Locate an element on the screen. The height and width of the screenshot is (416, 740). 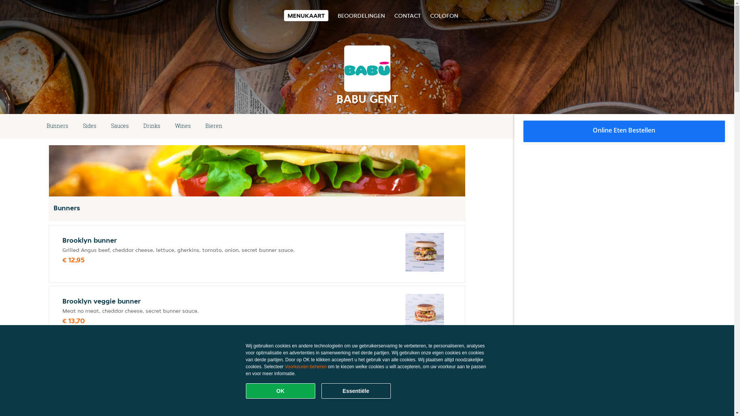
'BEOORDELINGEN' is located at coordinates (361, 15).